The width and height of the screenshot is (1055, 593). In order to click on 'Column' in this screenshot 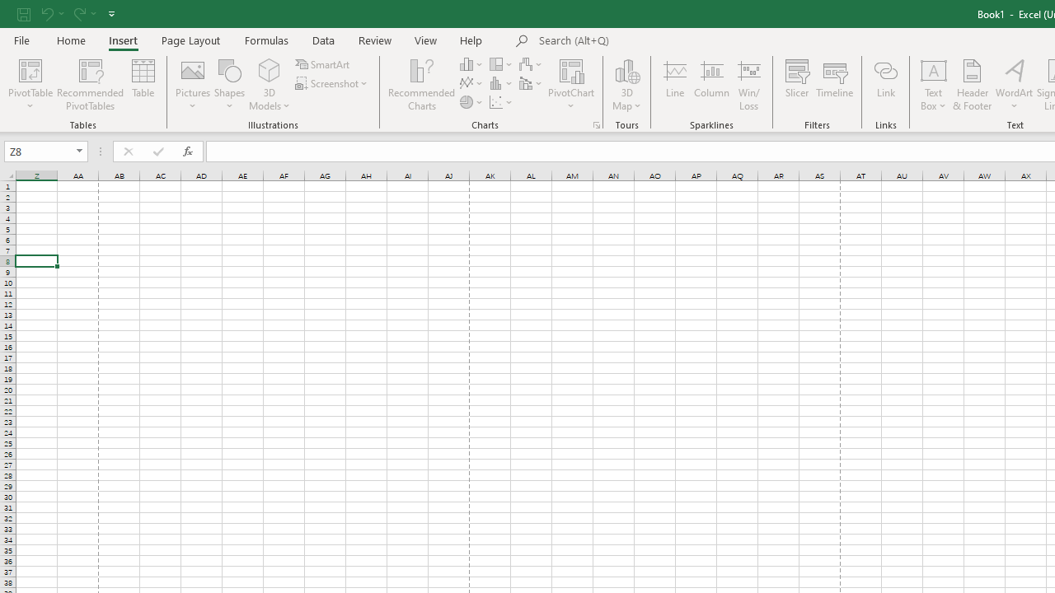, I will do `click(712, 85)`.